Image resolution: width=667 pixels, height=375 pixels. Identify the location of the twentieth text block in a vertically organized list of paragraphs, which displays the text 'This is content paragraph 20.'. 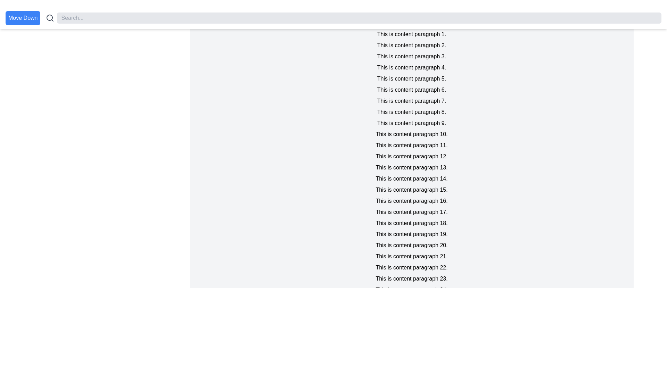
(412, 245).